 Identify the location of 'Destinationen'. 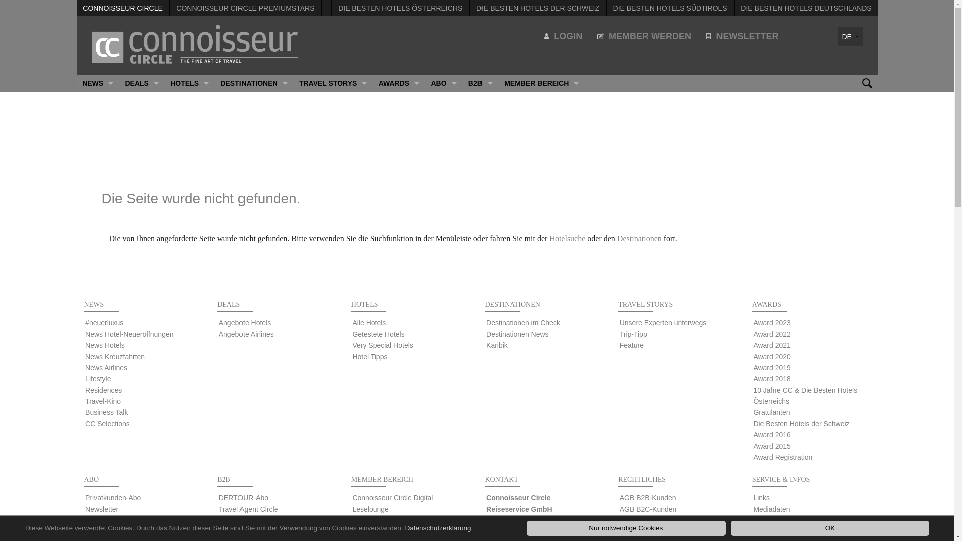
(639, 238).